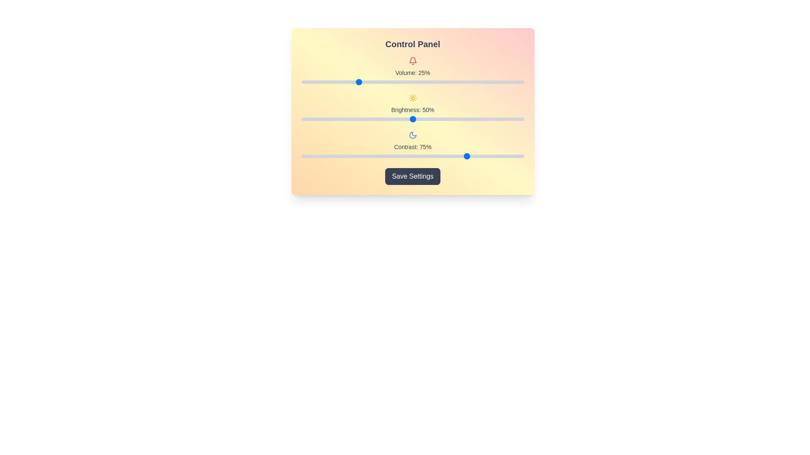 The height and width of the screenshot is (455, 810). Describe the element at coordinates (339, 156) in the screenshot. I see `contrast` at that location.